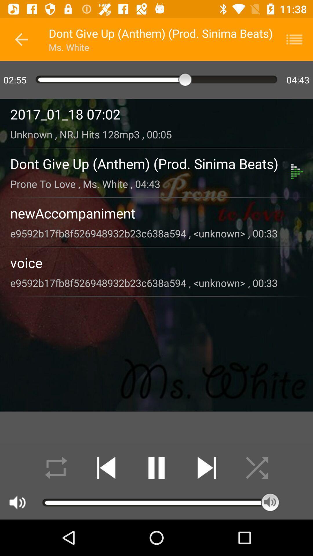 The image size is (313, 556). Describe the element at coordinates (106, 468) in the screenshot. I see `rewind` at that location.